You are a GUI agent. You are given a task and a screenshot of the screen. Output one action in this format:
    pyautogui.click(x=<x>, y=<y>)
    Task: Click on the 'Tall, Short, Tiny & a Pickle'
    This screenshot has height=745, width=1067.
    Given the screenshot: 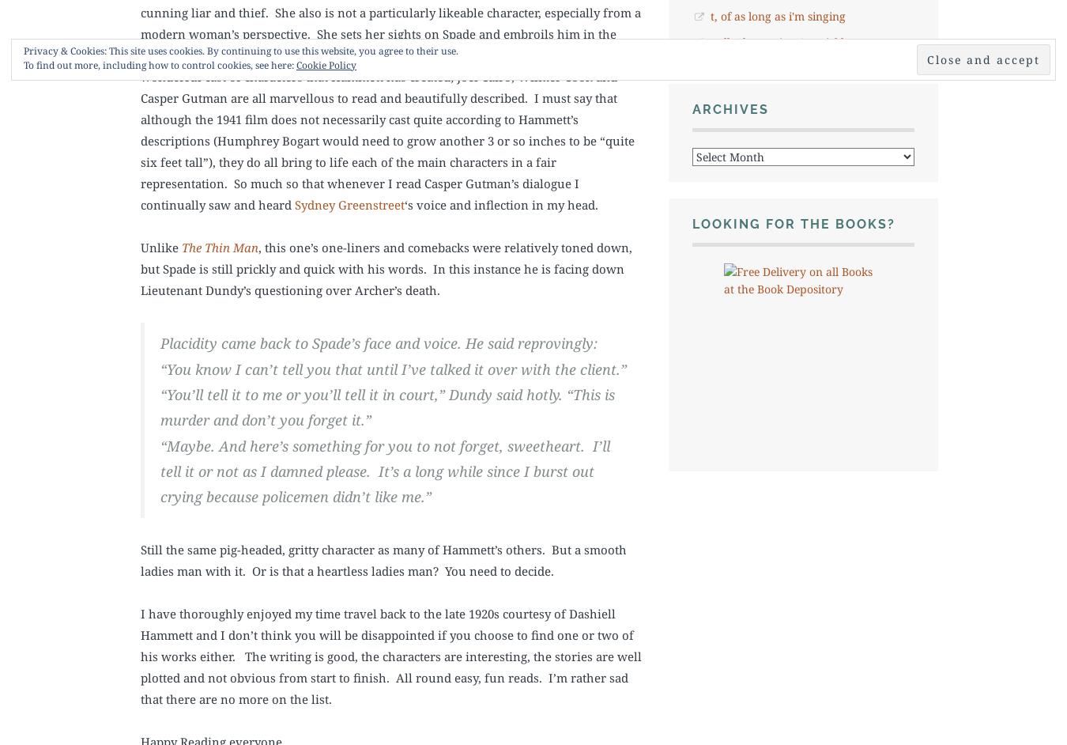 What is the action you would take?
    pyautogui.click(x=710, y=40)
    